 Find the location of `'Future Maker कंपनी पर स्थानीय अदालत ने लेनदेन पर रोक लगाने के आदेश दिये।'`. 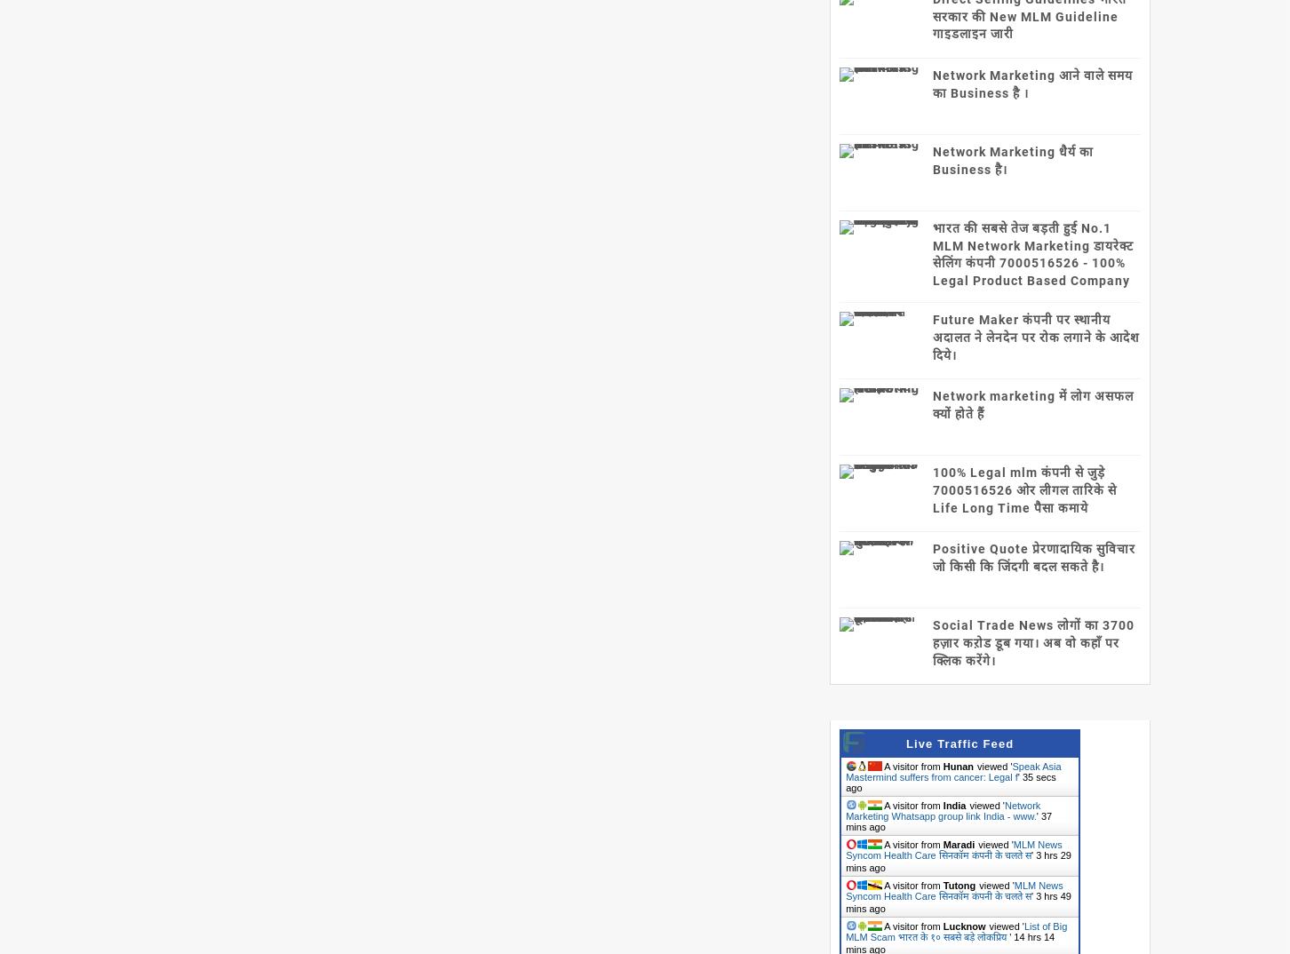

'Future Maker कंपनी पर स्थानीय अदालत ने लेनदेन पर रोक लगाने के आदेश दिये।' is located at coordinates (1036, 337).